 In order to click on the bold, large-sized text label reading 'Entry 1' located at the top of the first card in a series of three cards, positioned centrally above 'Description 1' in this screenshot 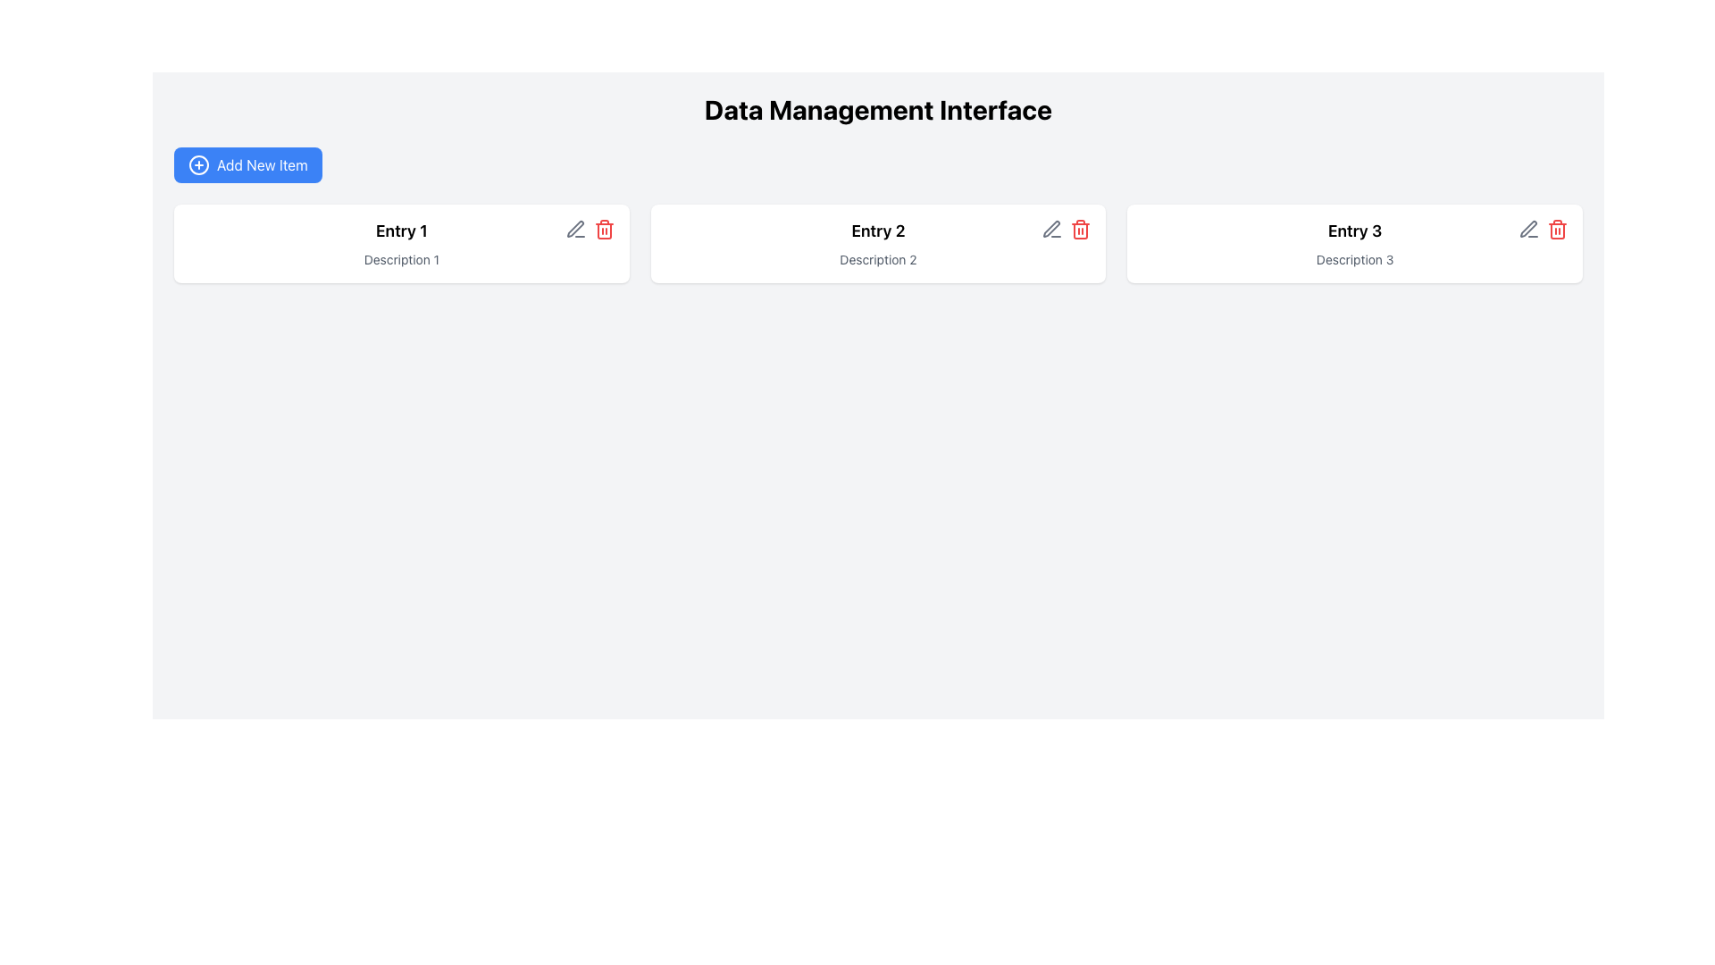, I will do `click(400, 230)`.